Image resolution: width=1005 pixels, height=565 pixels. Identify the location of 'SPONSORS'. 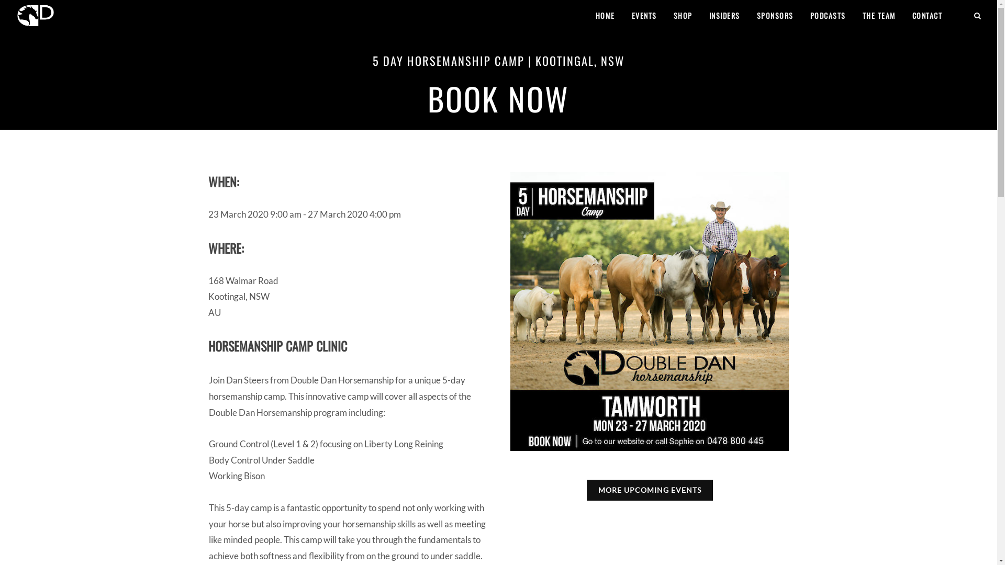
(774, 16).